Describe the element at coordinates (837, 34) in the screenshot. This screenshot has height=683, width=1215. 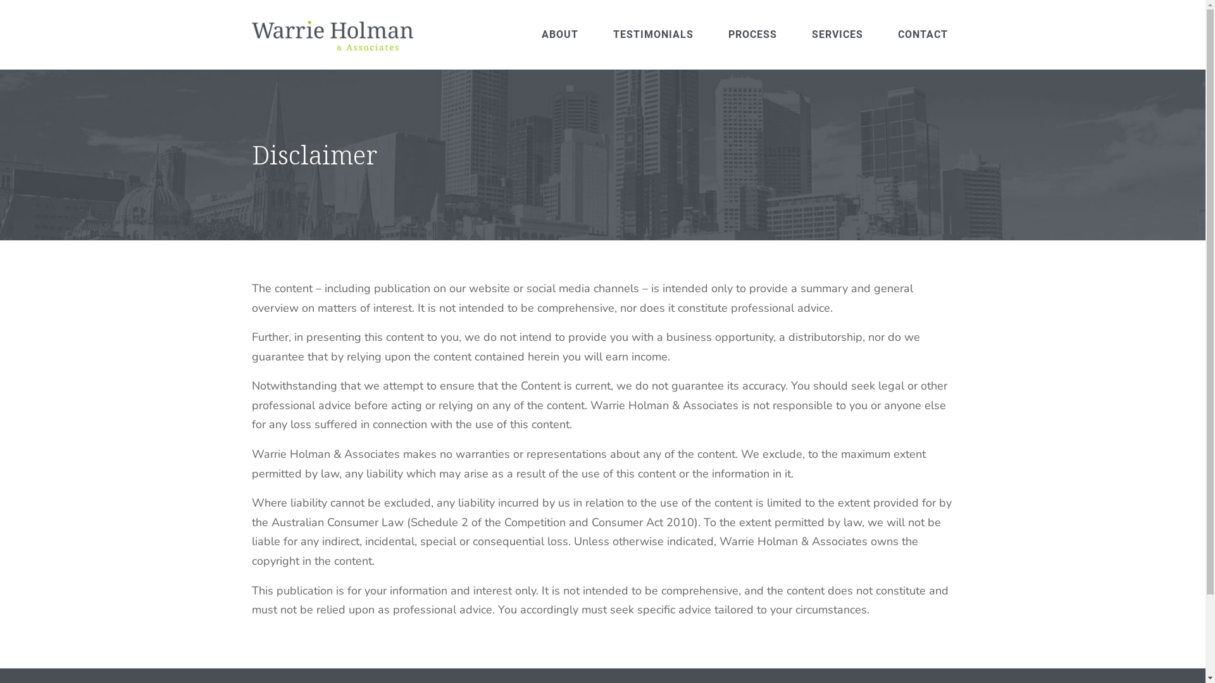
I see `'SERVICES'` at that location.